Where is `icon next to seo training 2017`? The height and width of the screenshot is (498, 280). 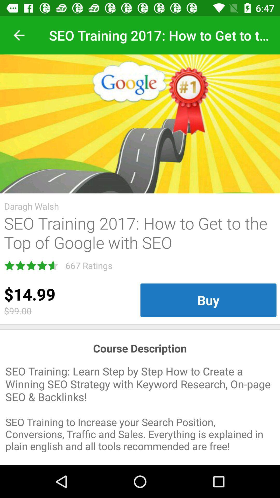
icon next to seo training 2017 is located at coordinates (19, 35).